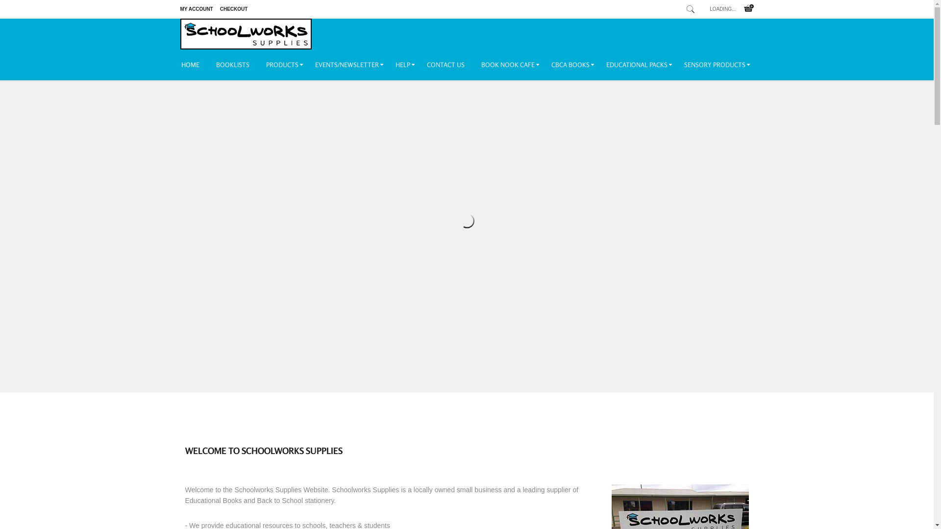  I want to click on 'HOME', so click(195, 65).